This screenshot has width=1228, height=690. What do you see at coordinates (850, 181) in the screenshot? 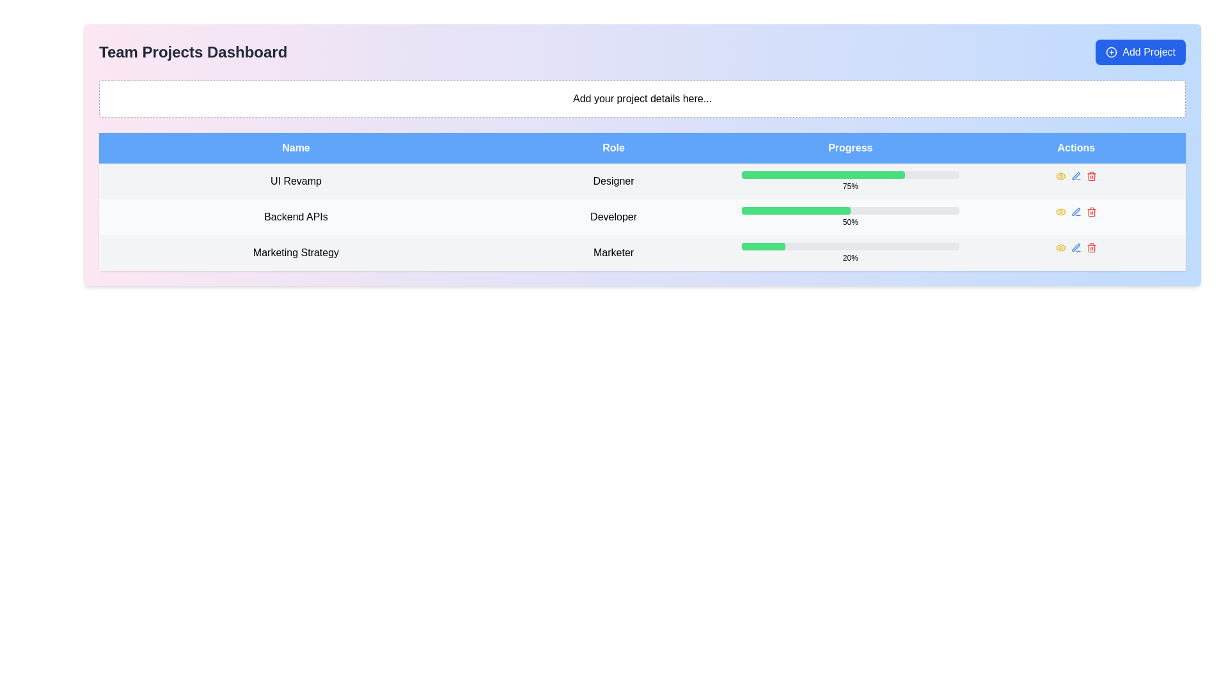
I see `the progress bar indicating 75% completion for the Designer role in the Progress column` at bounding box center [850, 181].